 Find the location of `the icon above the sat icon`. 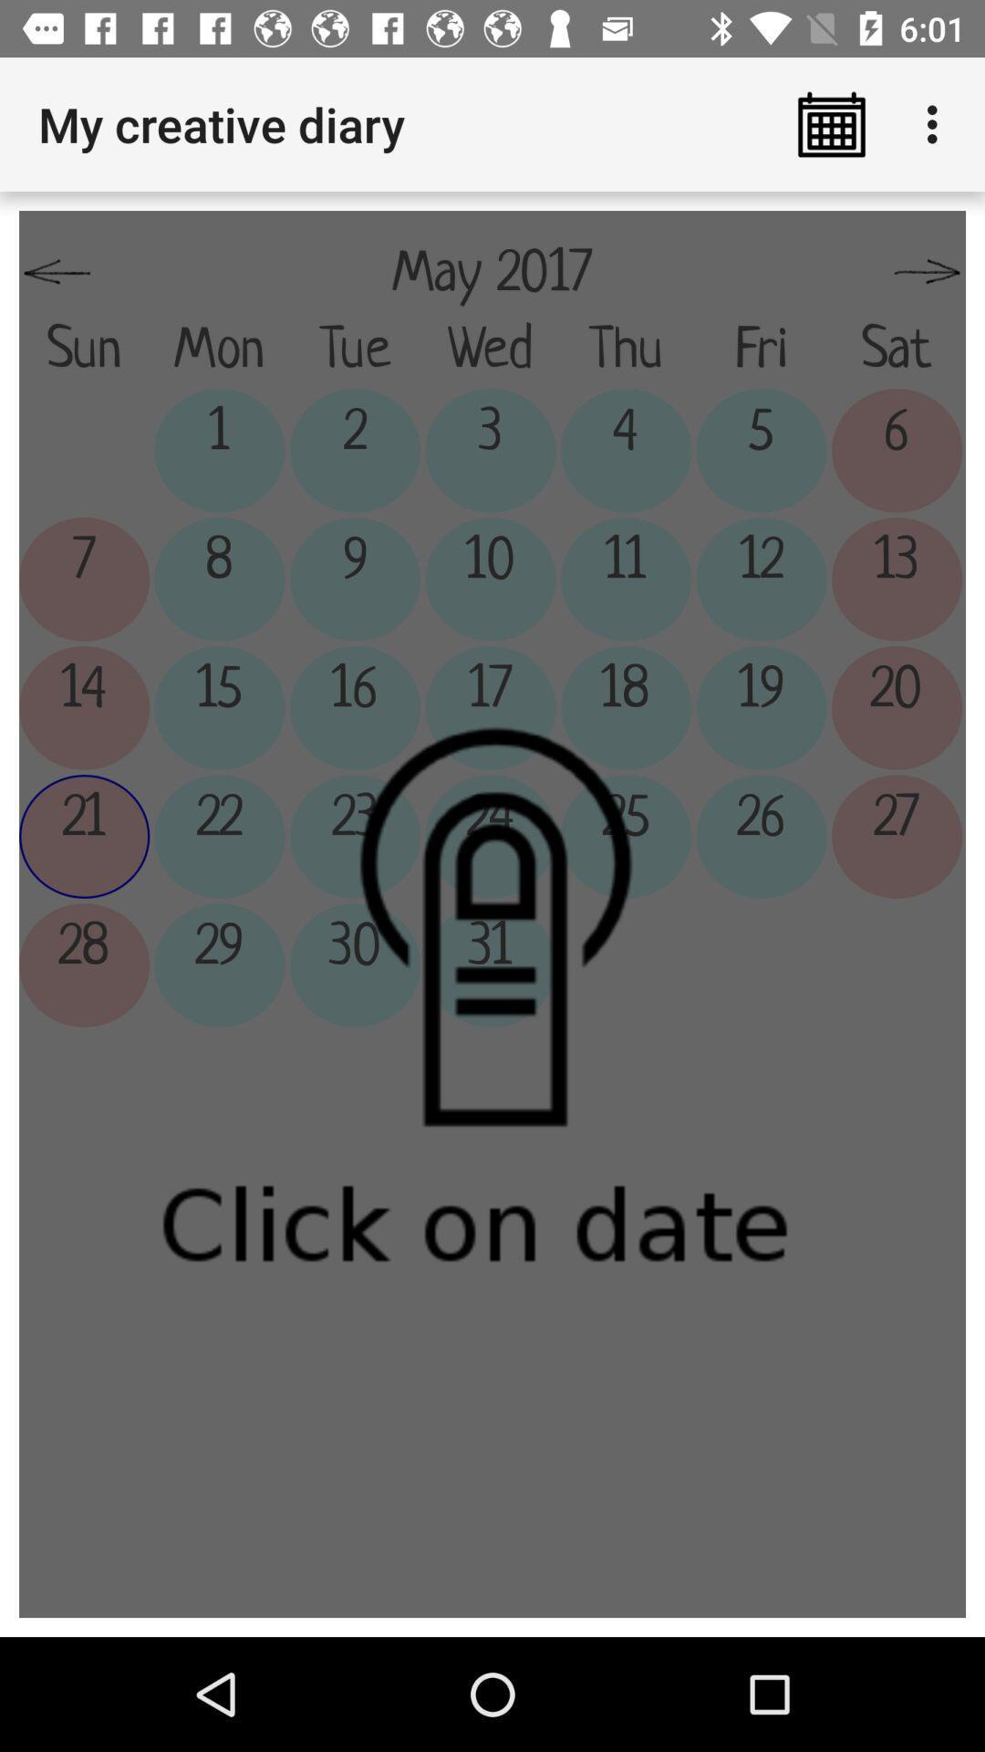

the icon above the sat icon is located at coordinates (928, 272).